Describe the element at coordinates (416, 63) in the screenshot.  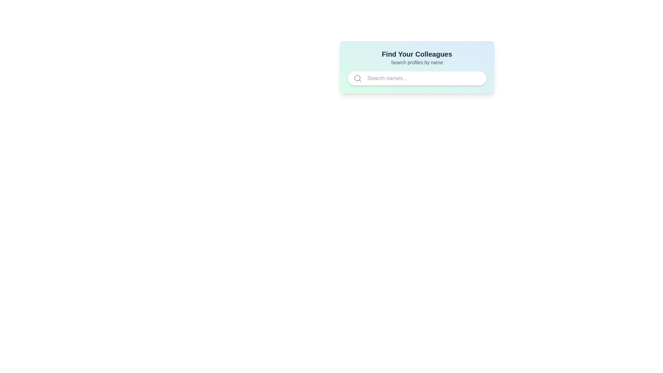
I see `the descriptive text label that instructs the user about the function of the associated search box for entering a name to search profiles, located directly beneath 'Find Your Colleagues.'` at that location.